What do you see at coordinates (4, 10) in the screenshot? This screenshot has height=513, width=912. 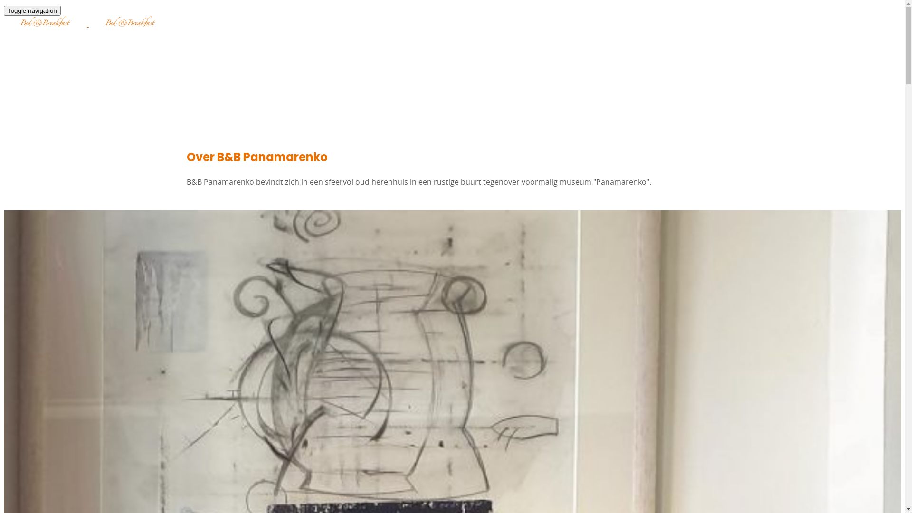 I see `'Toggle navigation'` at bounding box center [4, 10].